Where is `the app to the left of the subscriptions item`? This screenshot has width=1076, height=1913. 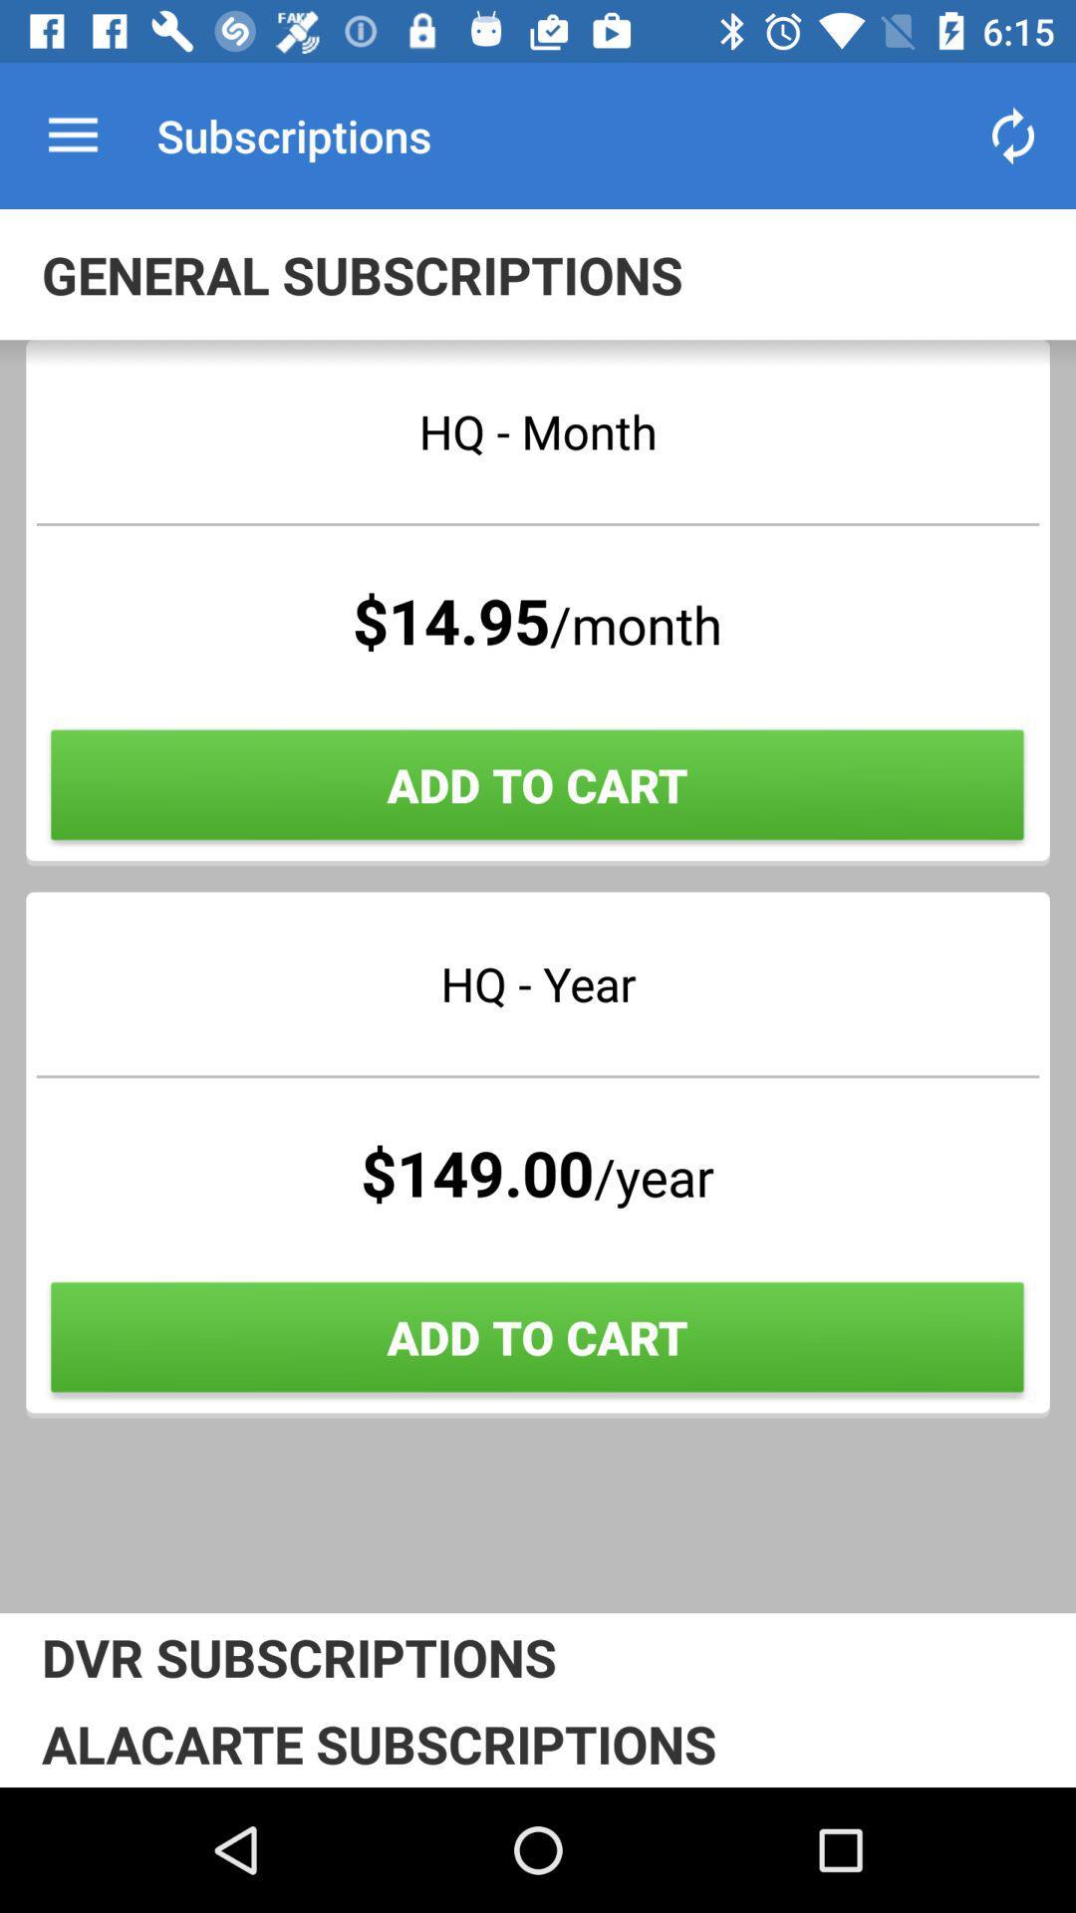
the app to the left of the subscriptions item is located at coordinates (72, 135).